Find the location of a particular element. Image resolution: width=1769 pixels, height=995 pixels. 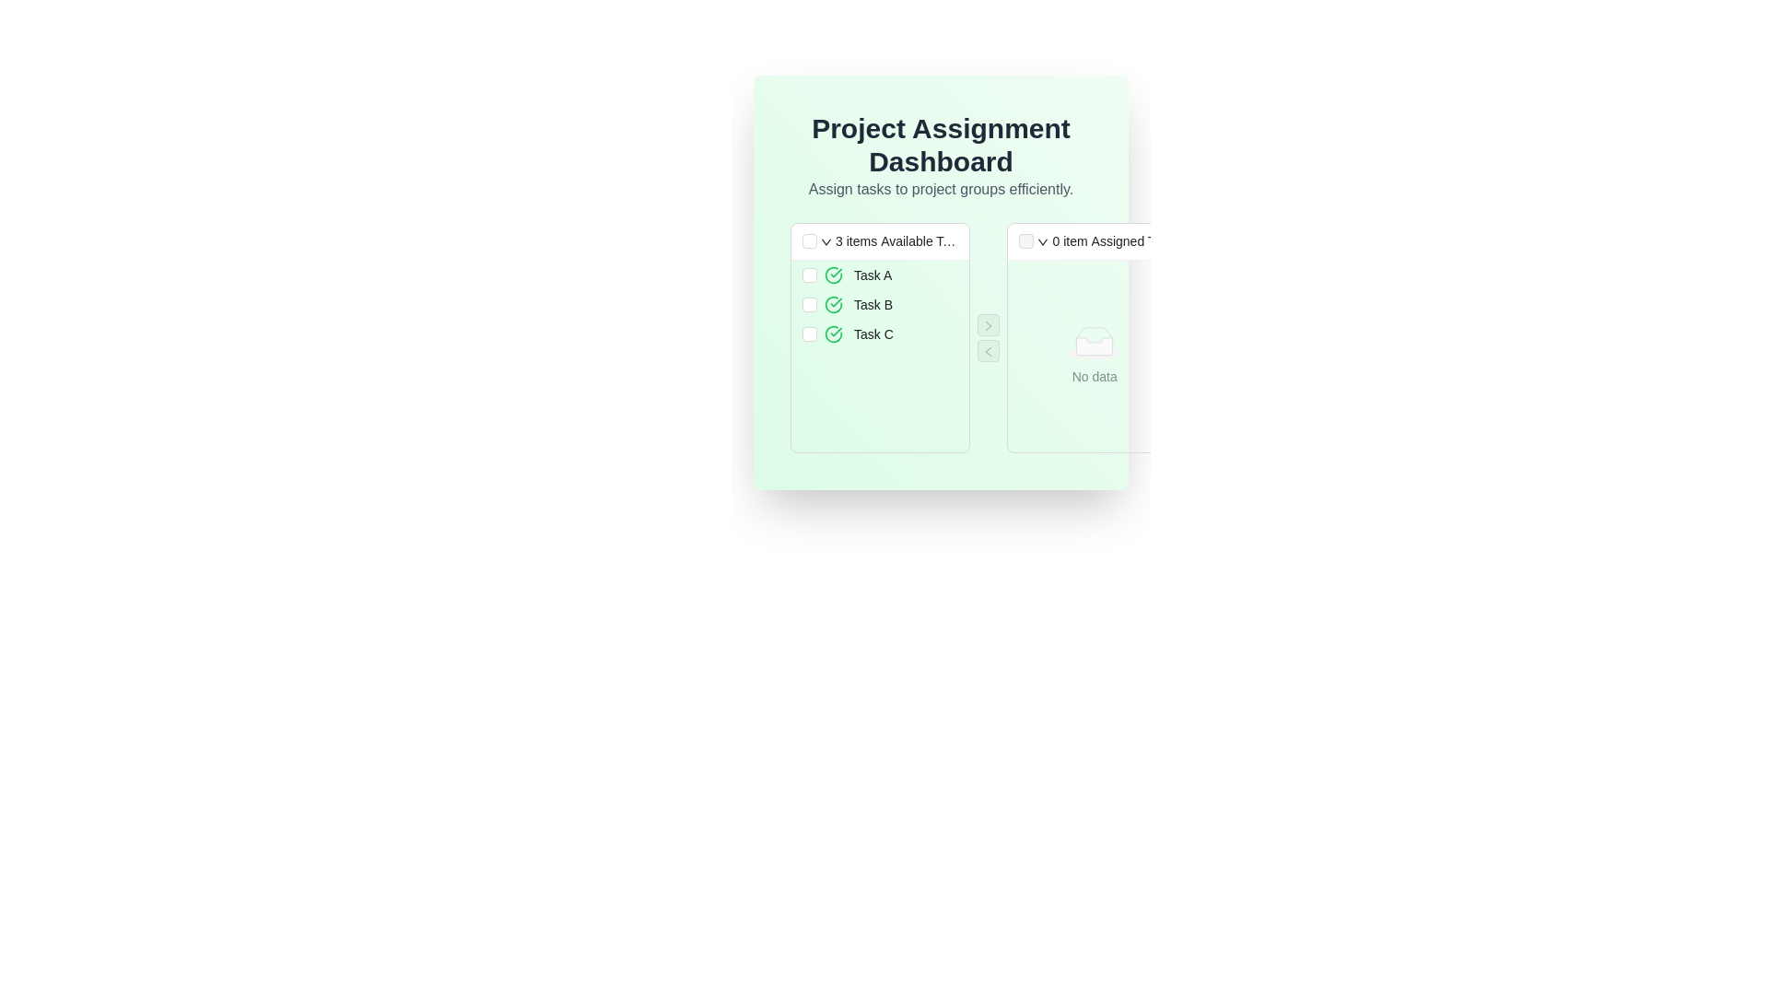

the checkbox associated with 'Task B' is located at coordinates (809, 304).